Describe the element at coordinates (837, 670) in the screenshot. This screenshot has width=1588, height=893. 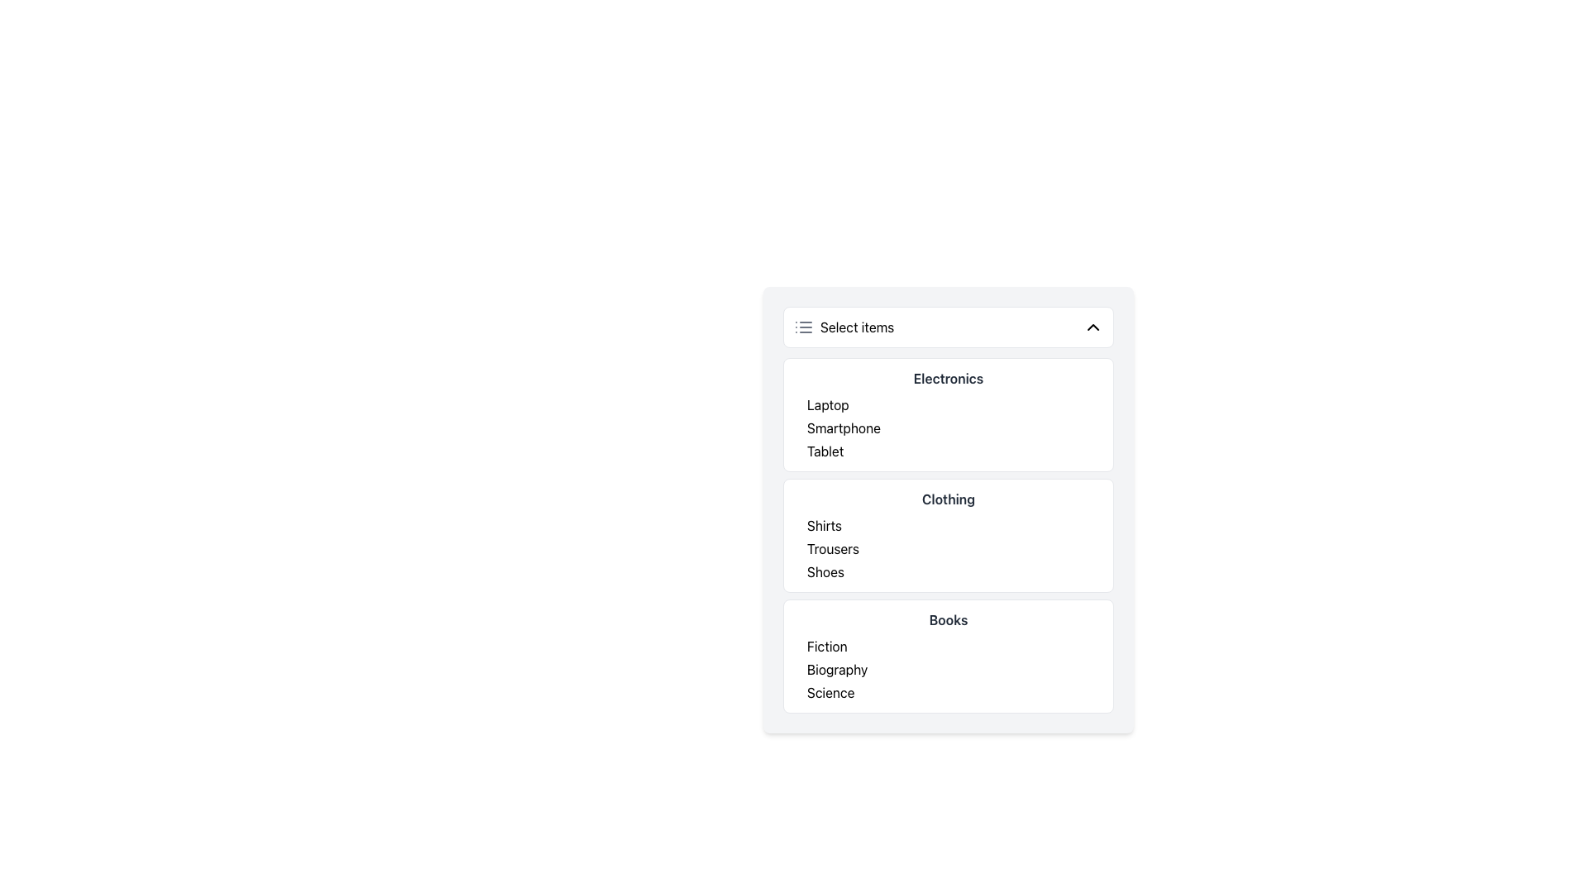
I see `the 'Biography' text label, which is the second entry in the vertical list under the 'Books' section of the dropdown menu` at that location.